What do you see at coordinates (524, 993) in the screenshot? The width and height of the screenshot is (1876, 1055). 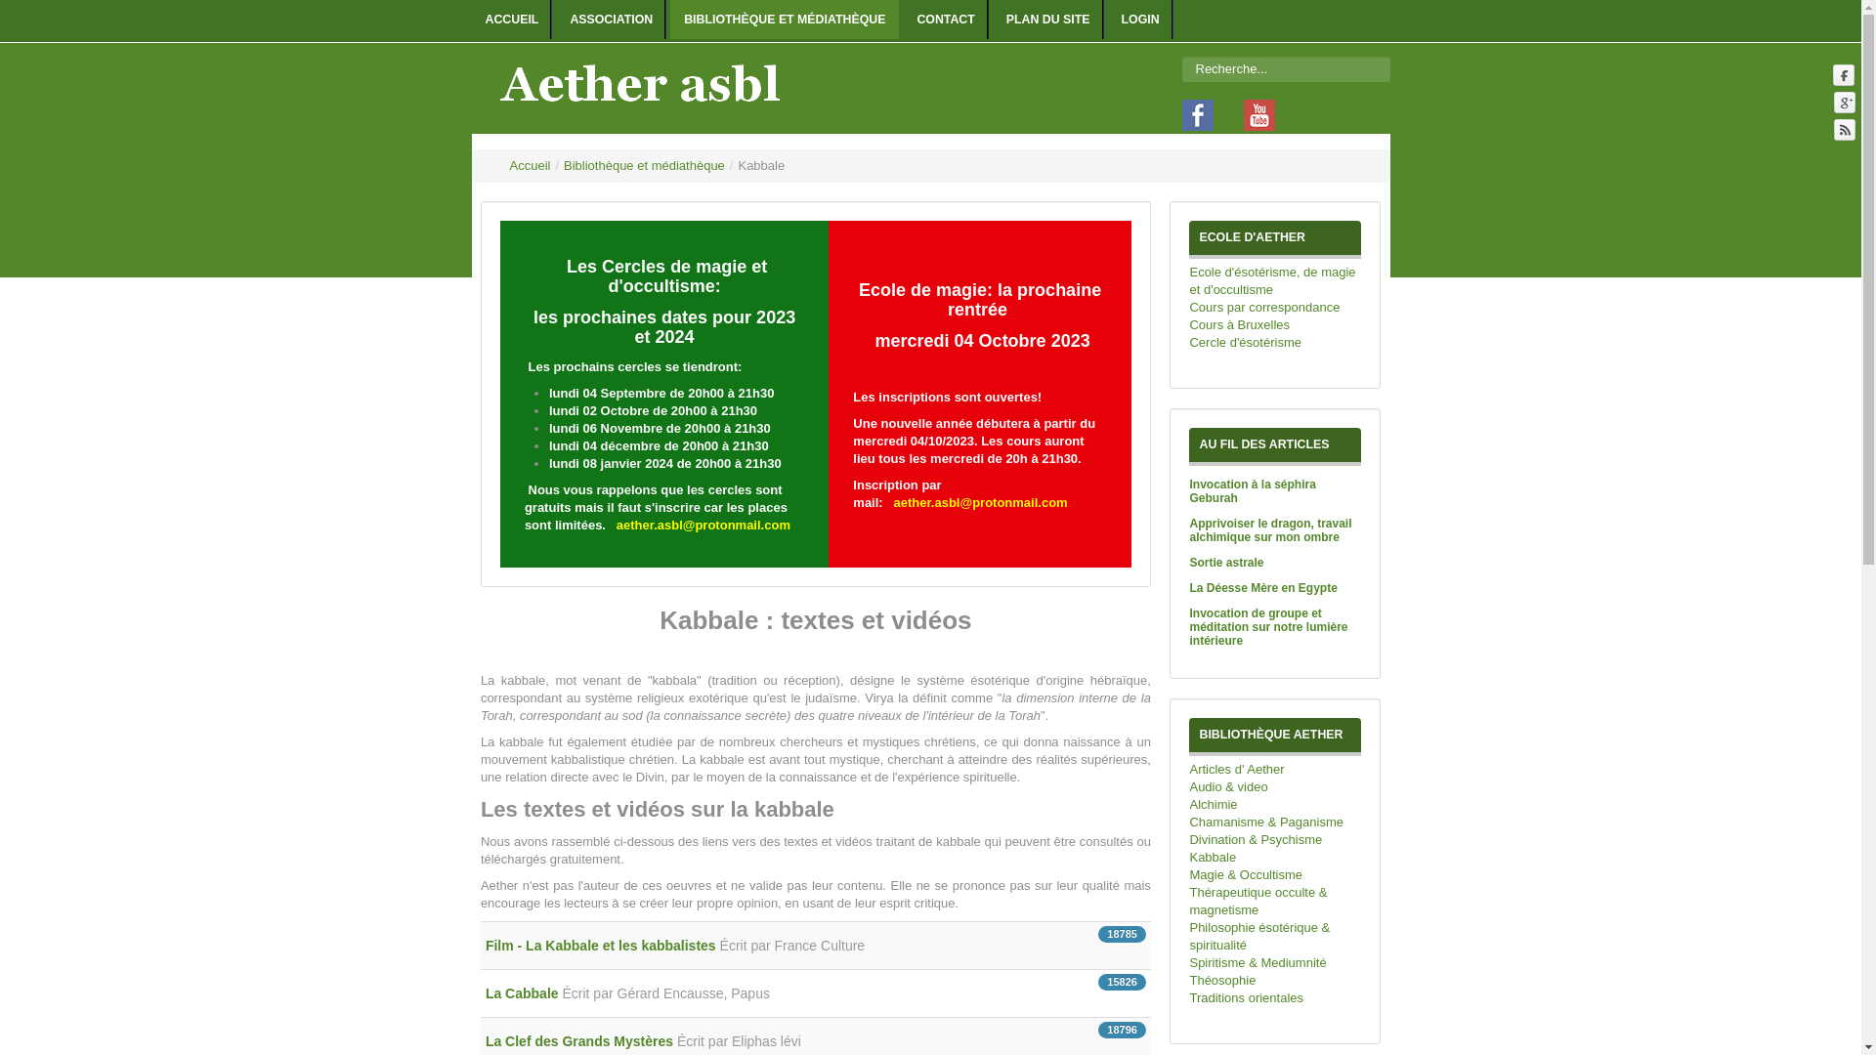 I see `'La Cabbale'` at bounding box center [524, 993].